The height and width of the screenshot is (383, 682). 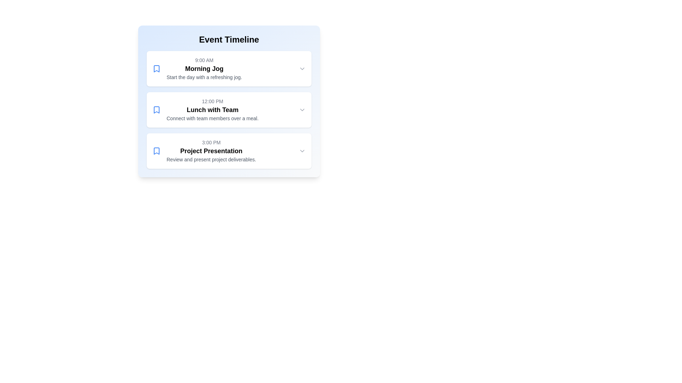 I want to click on the text block containing the event description 'Morning Jog' in the uppermost event card, so click(x=204, y=68).